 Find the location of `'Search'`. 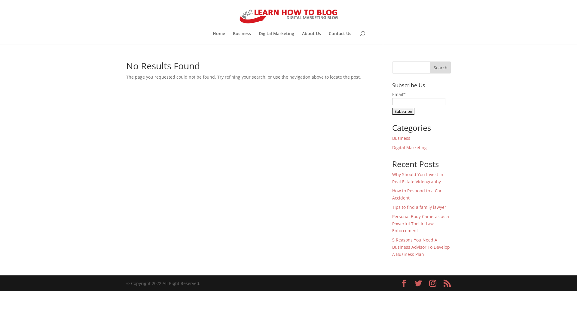

'Search' is located at coordinates (440, 67).